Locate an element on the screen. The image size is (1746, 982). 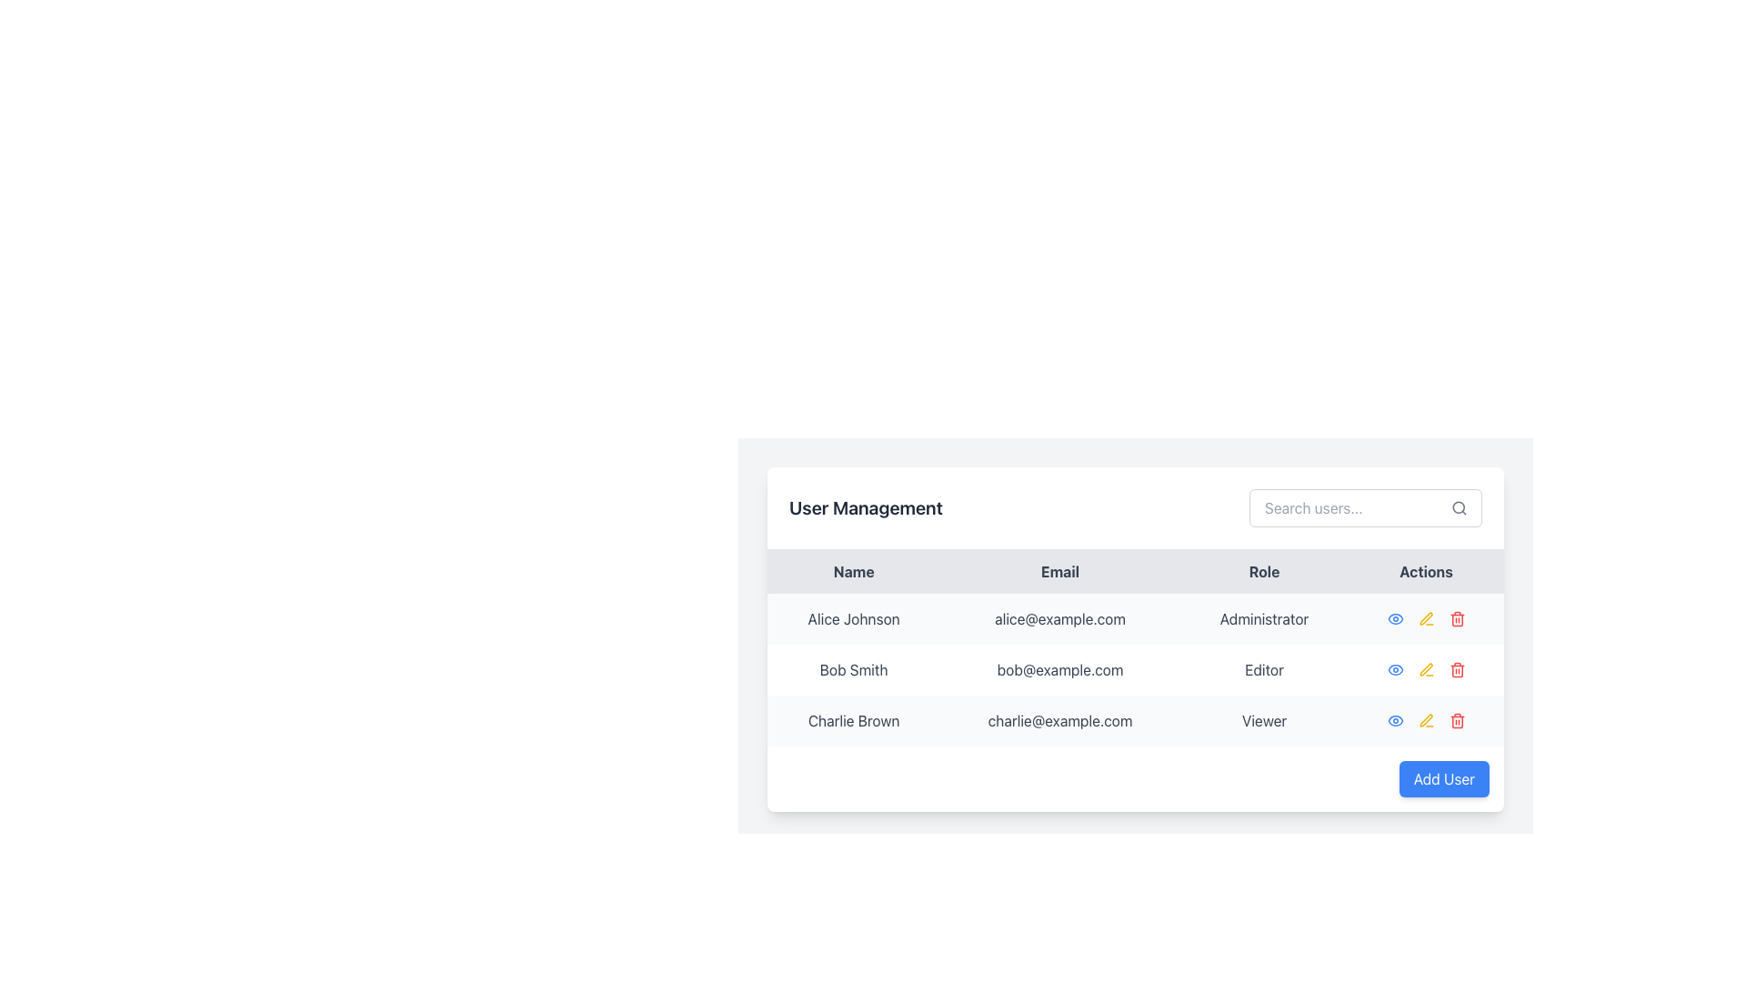
the 'Role' text label in the third column header of the 'User Management' section, which is styled in bold on a light gray background is located at coordinates (1263, 570).